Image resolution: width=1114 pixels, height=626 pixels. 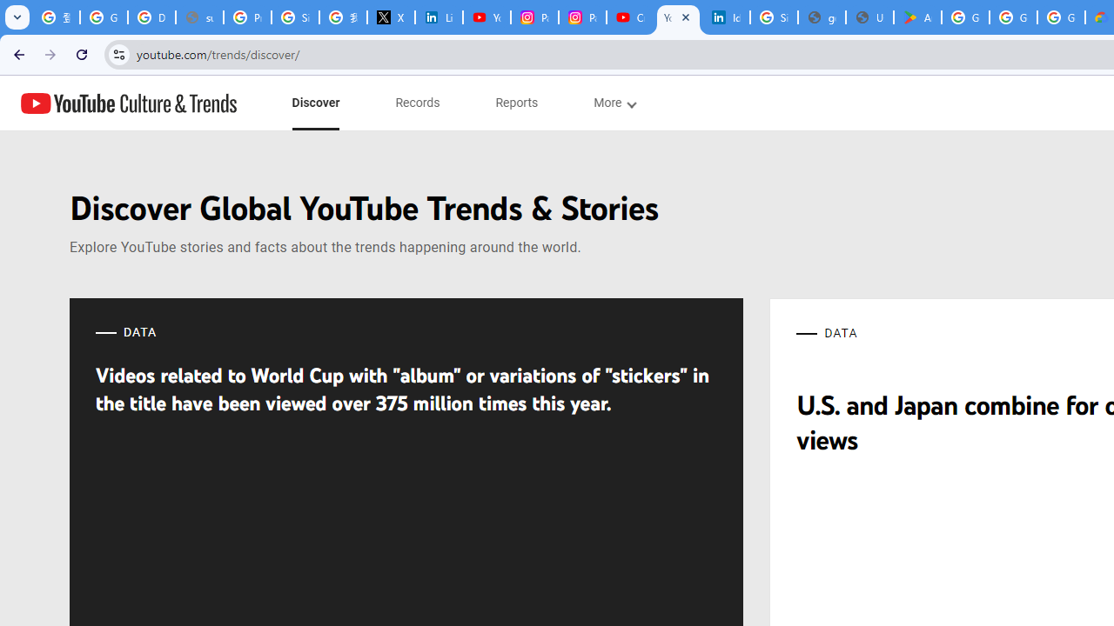 What do you see at coordinates (439, 17) in the screenshot?
I see `'LinkedIn Privacy Policy'` at bounding box center [439, 17].